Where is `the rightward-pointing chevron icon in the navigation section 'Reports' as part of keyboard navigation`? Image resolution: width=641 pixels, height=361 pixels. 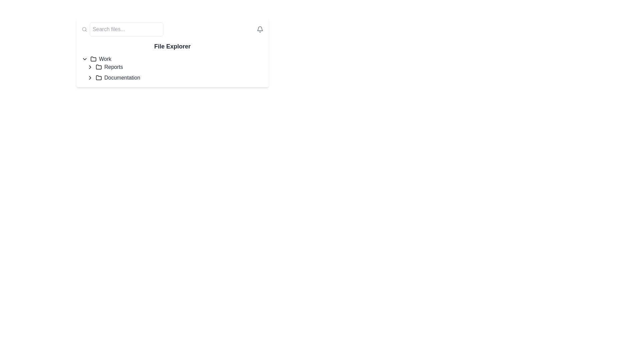
the rightward-pointing chevron icon in the navigation section 'Reports' as part of keyboard navigation is located at coordinates (89, 77).